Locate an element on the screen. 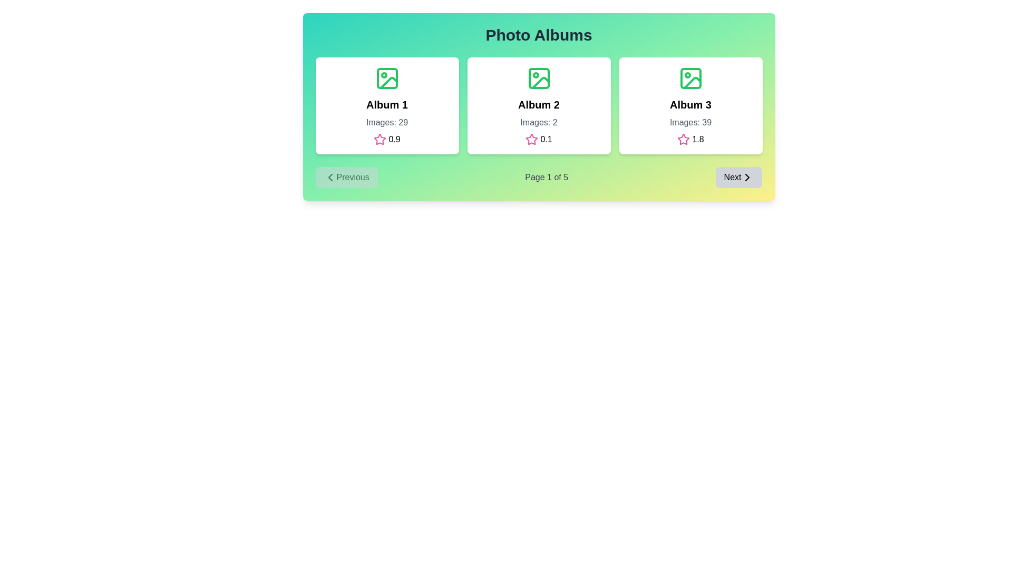 The width and height of the screenshot is (1012, 569). rating value displayed in the rating indicator located beneath the 'Images: 29' label within the card for 'Album 1' is located at coordinates (386, 139).